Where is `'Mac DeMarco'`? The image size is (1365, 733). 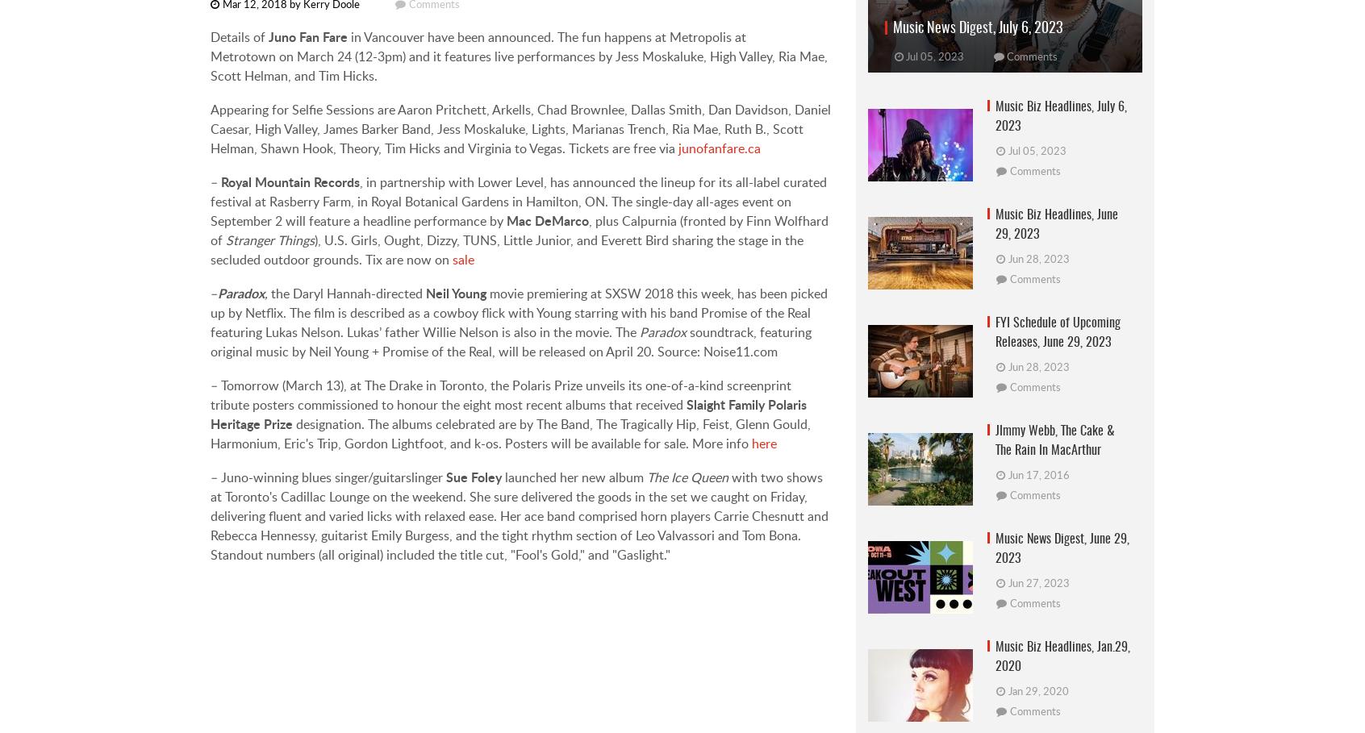
'Mac DeMarco' is located at coordinates (547, 220).